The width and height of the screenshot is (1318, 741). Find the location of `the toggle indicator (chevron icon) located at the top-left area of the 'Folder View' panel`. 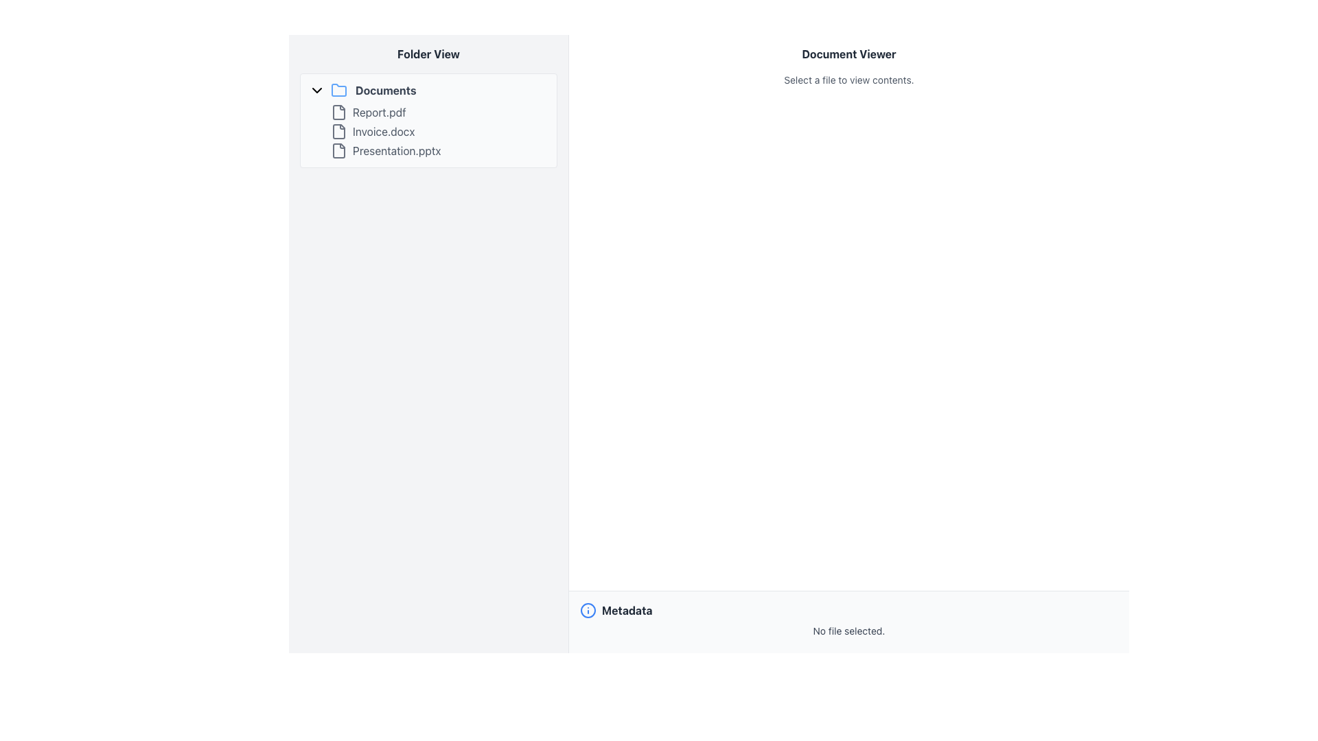

the toggle indicator (chevron icon) located at the top-left area of the 'Folder View' panel is located at coordinates (316, 90).